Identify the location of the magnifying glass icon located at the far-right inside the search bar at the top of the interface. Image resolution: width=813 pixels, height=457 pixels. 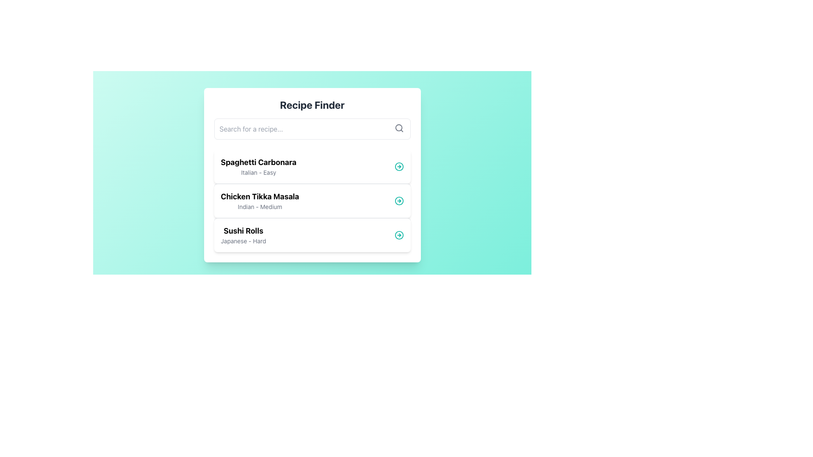
(398, 128).